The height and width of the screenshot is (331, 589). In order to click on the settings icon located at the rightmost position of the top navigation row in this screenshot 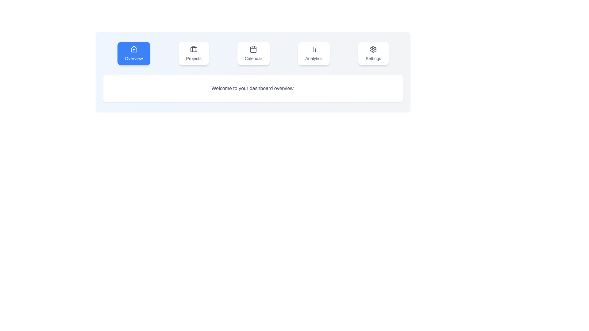, I will do `click(373, 49)`.